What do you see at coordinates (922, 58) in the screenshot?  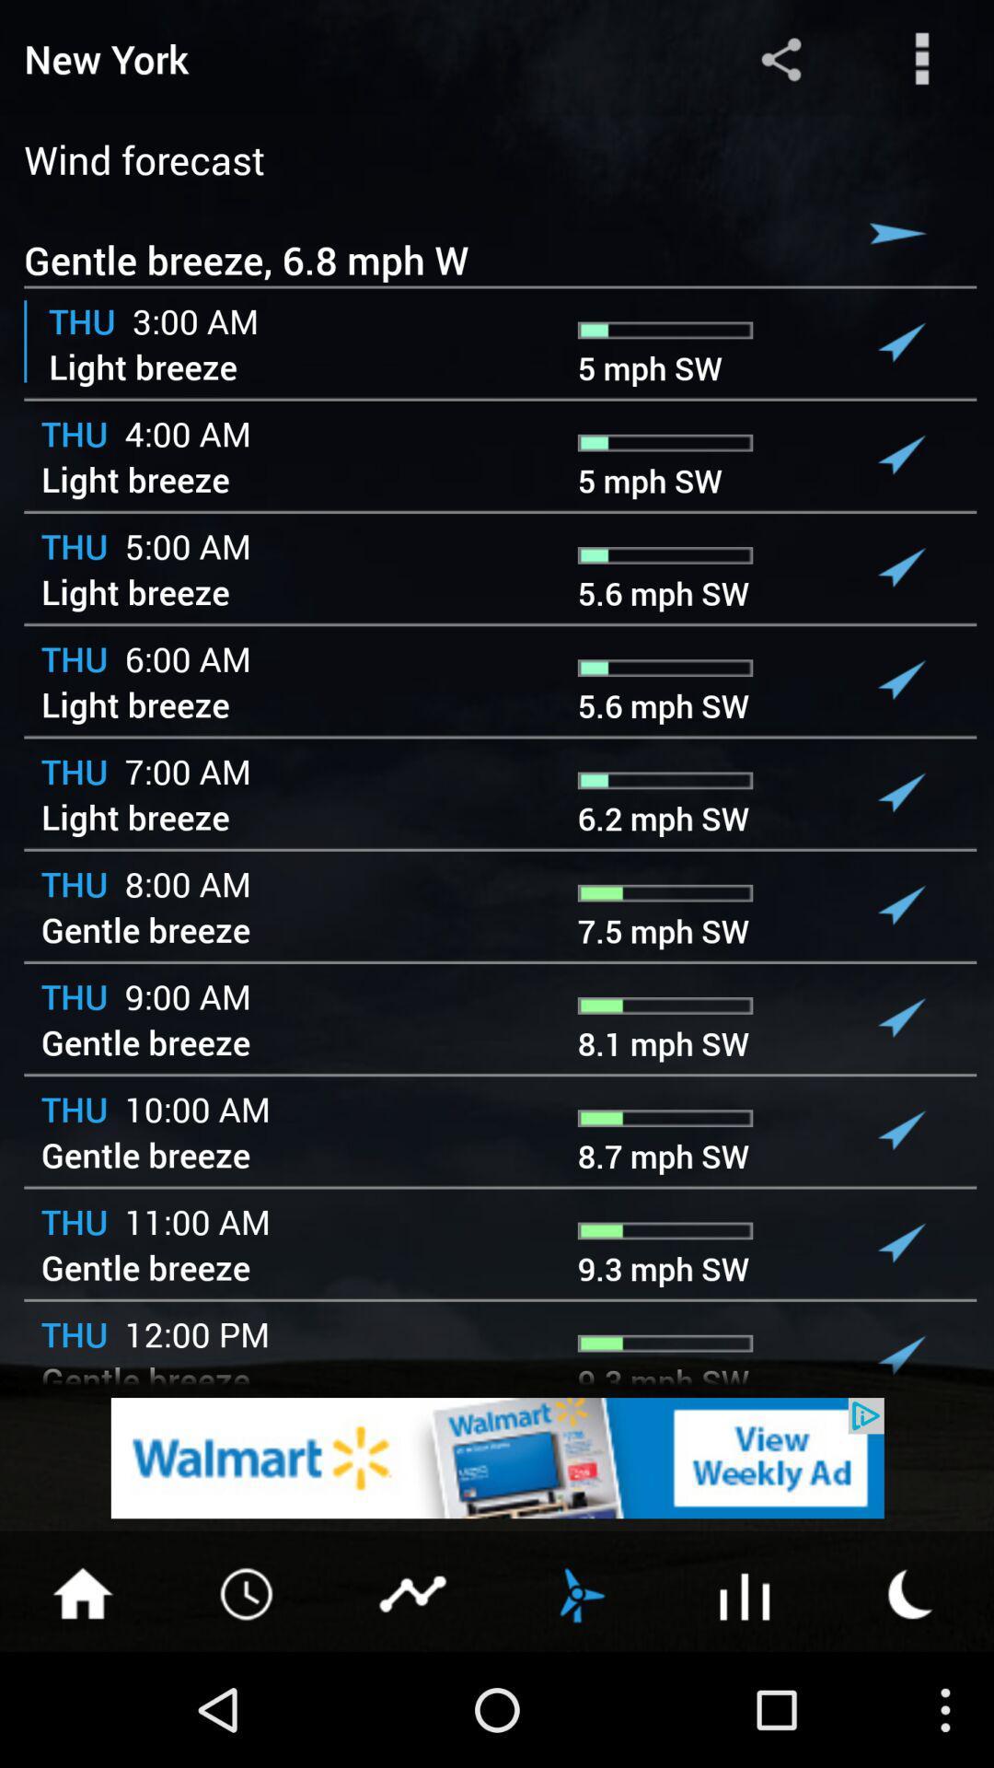 I see `settings` at bounding box center [922, 58].